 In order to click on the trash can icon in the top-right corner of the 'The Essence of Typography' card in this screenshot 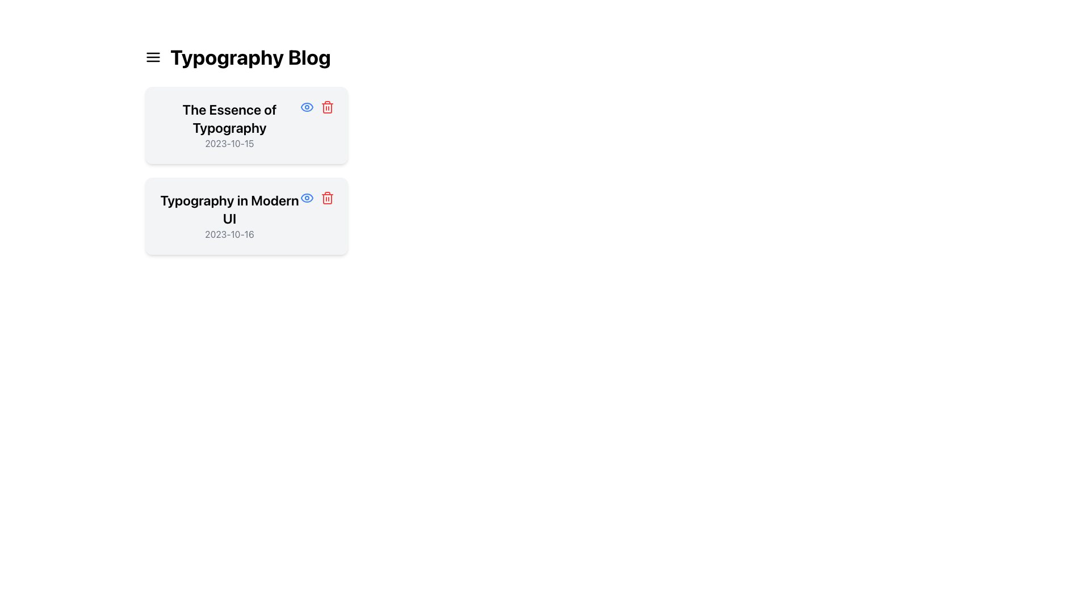, I will do `click(326, 108)`.